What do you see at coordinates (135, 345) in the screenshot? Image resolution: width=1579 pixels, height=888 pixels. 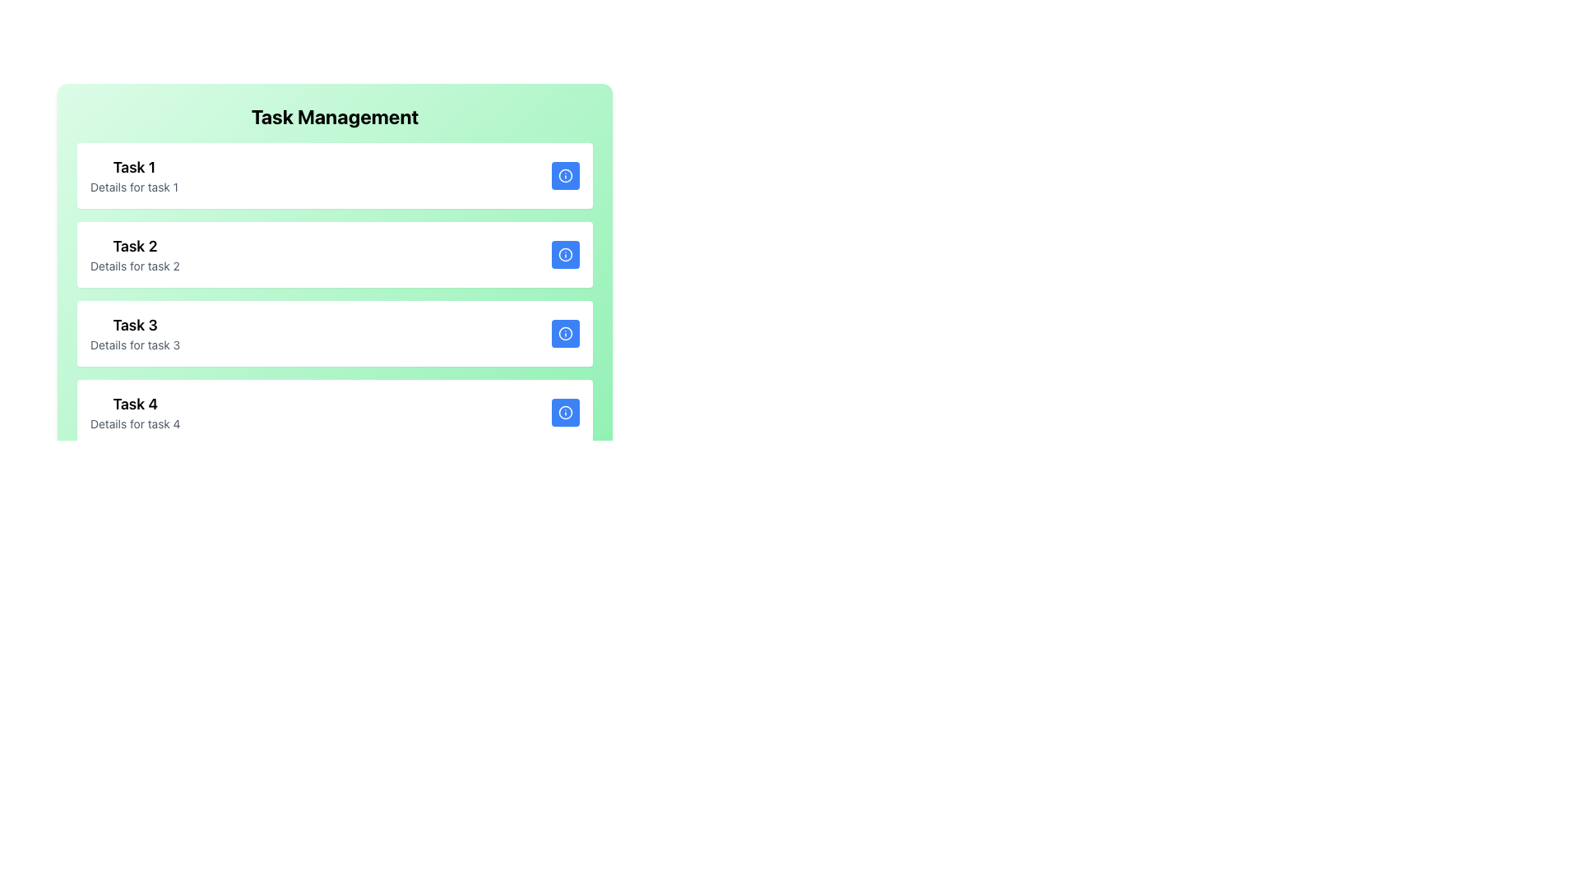 I see `the Static Text element that provides additional information about 'Task 3', located directly below the 'Task 3' title` at bounding box center [135, 345].